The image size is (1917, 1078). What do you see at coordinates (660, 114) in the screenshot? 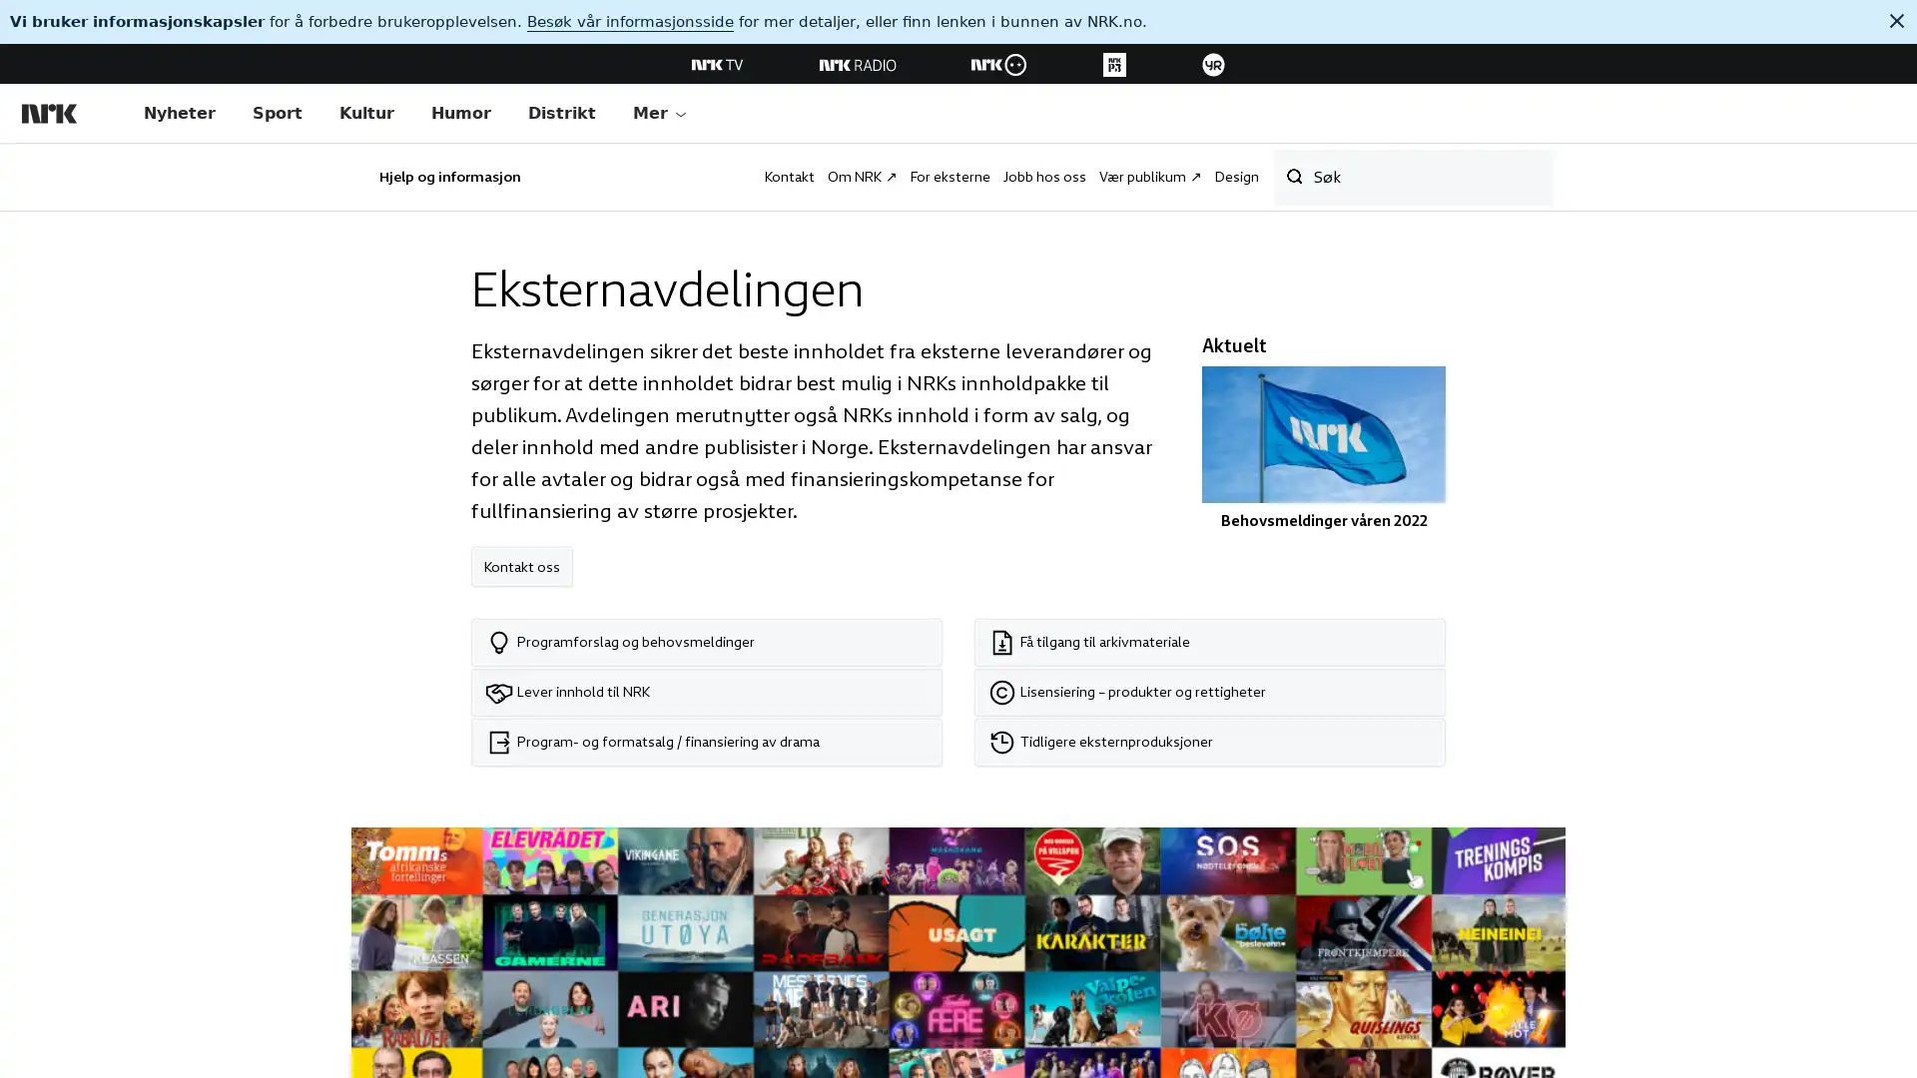
I see `Mer` at bounding box center [660, 114].